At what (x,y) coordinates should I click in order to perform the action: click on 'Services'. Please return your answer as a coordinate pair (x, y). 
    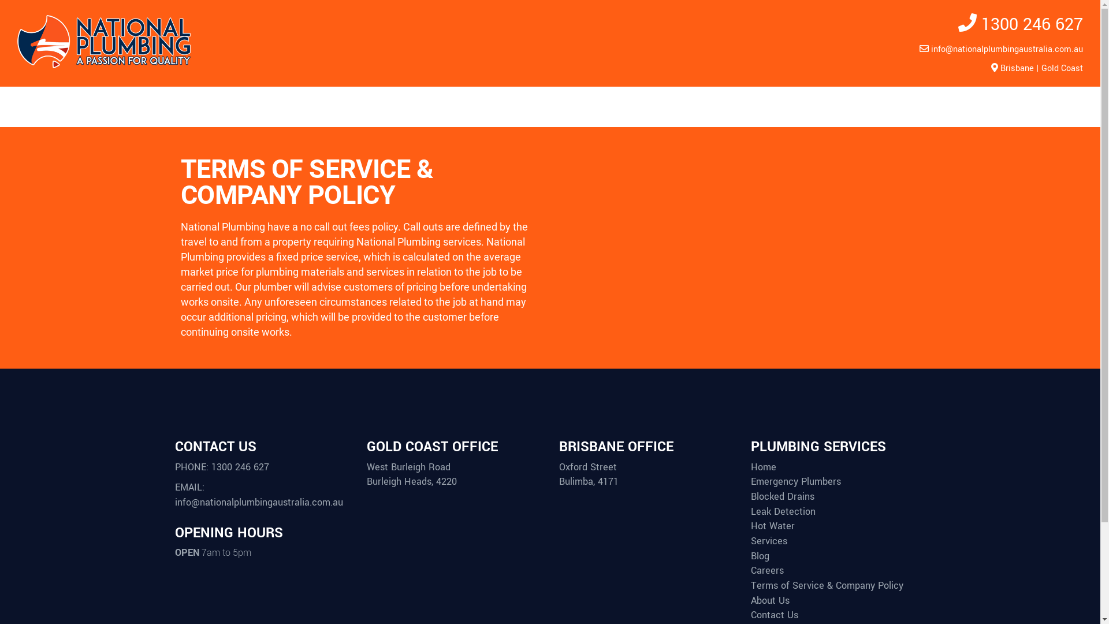
    Looking at the image, I should click on (751, 541).